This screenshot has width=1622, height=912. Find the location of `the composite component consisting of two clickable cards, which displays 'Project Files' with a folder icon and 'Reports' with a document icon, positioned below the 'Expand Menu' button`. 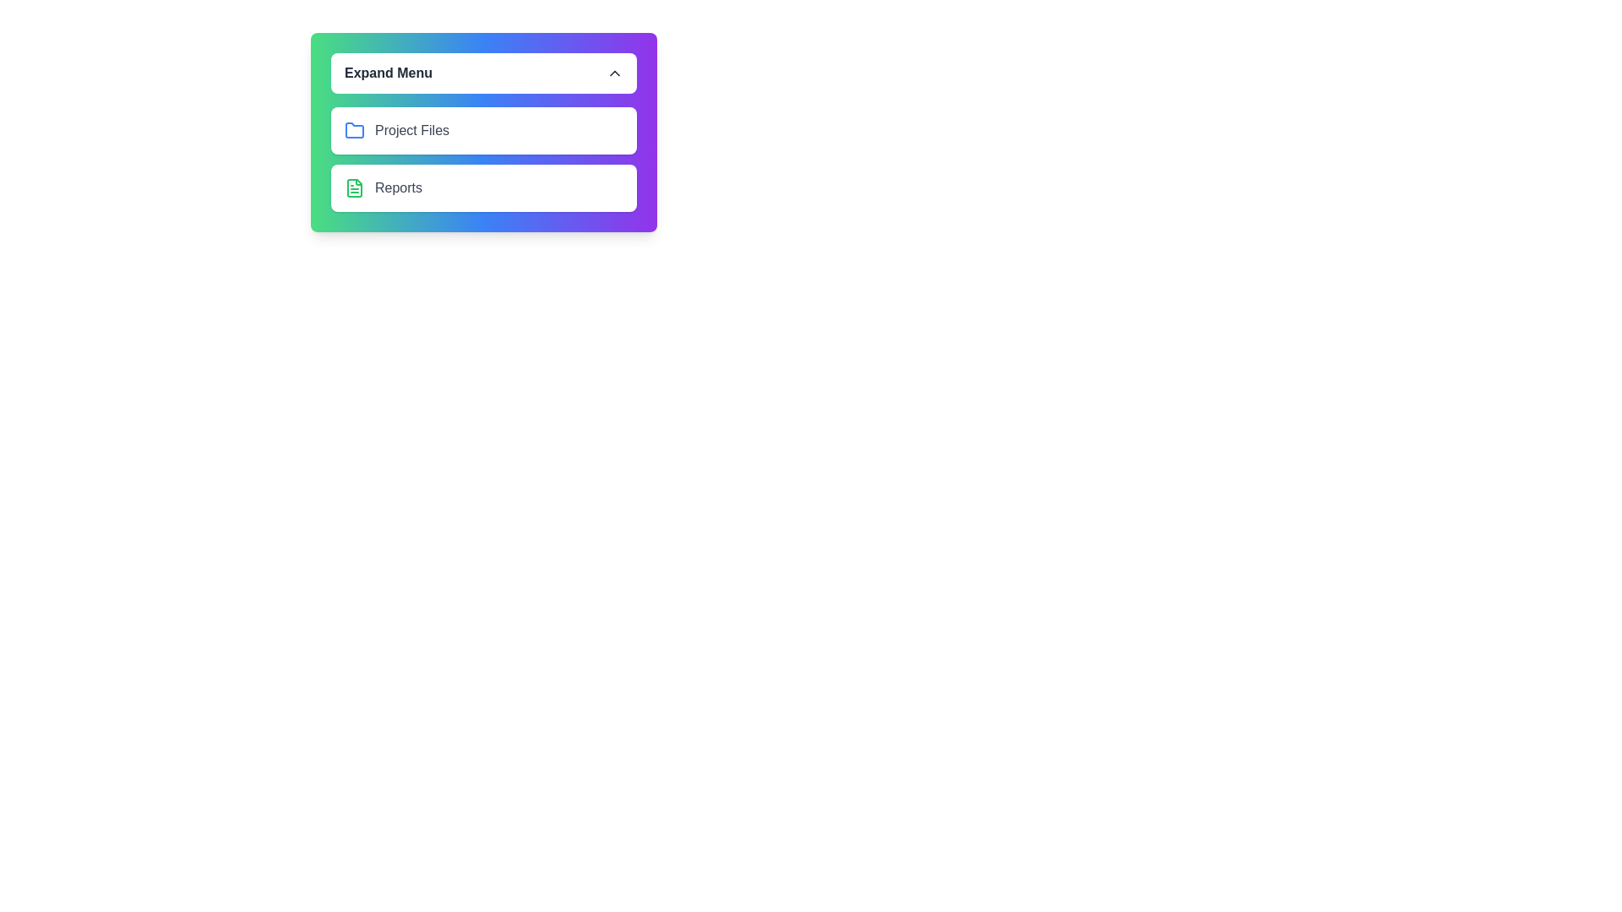

the composite component consisting of two clickable cards, which displays 'Project Files' with a folder icon and 'Reports' with a document icon, positioned below the 'Expand Menu' button is located at coordinates (482, 160).